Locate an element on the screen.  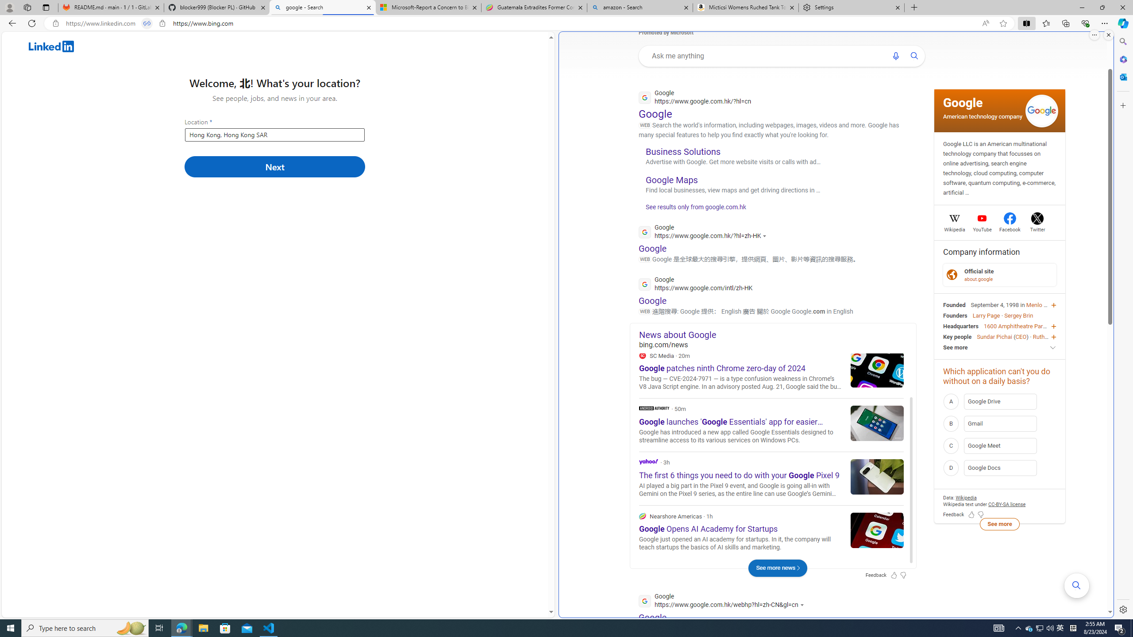
'Founders' is located at coordinates (955, 315).